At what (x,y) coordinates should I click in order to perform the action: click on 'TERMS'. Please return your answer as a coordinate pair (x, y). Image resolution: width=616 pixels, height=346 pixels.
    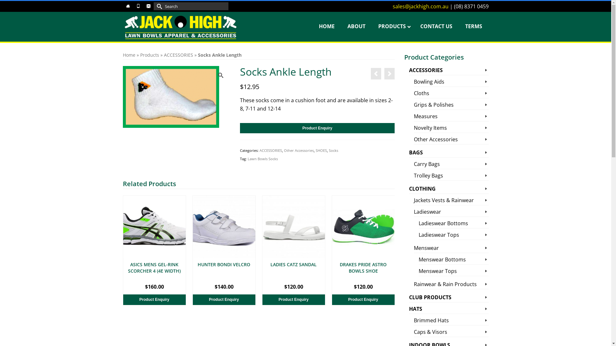
    Looking at the image, I should click on (458, 26).